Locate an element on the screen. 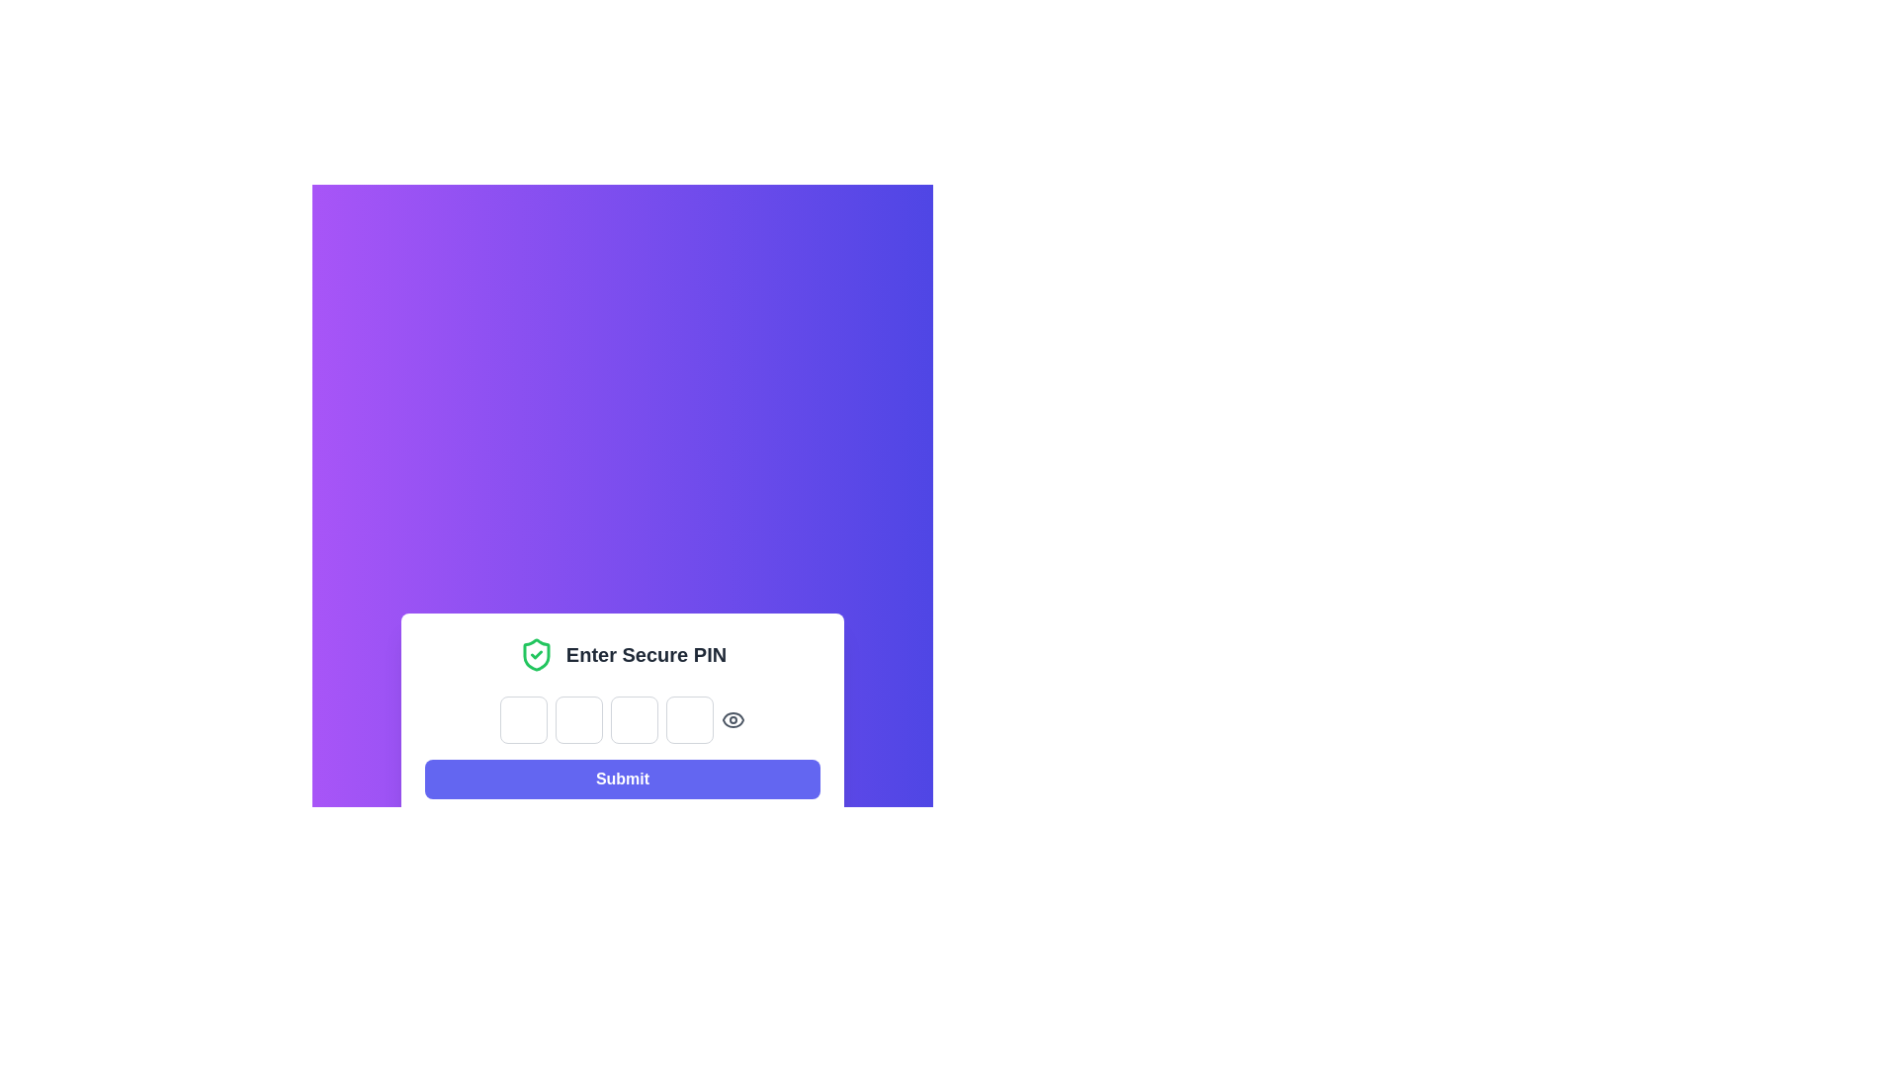  the distinctive 'eye' icon located to the right of the PIN input boxes is located at coordinates (733, 720).